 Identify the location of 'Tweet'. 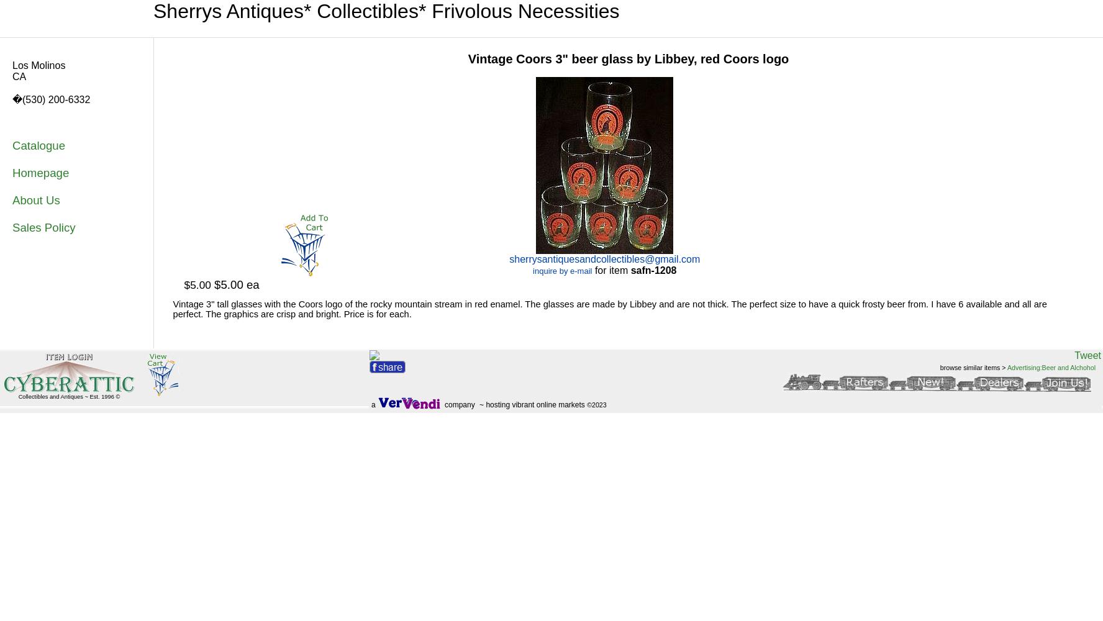
(1087, 355).